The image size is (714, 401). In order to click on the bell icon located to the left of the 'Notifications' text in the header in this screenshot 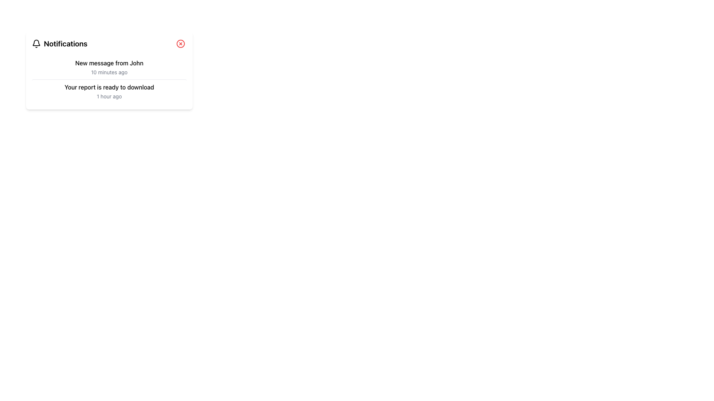, I will do `click(36, 44)`.